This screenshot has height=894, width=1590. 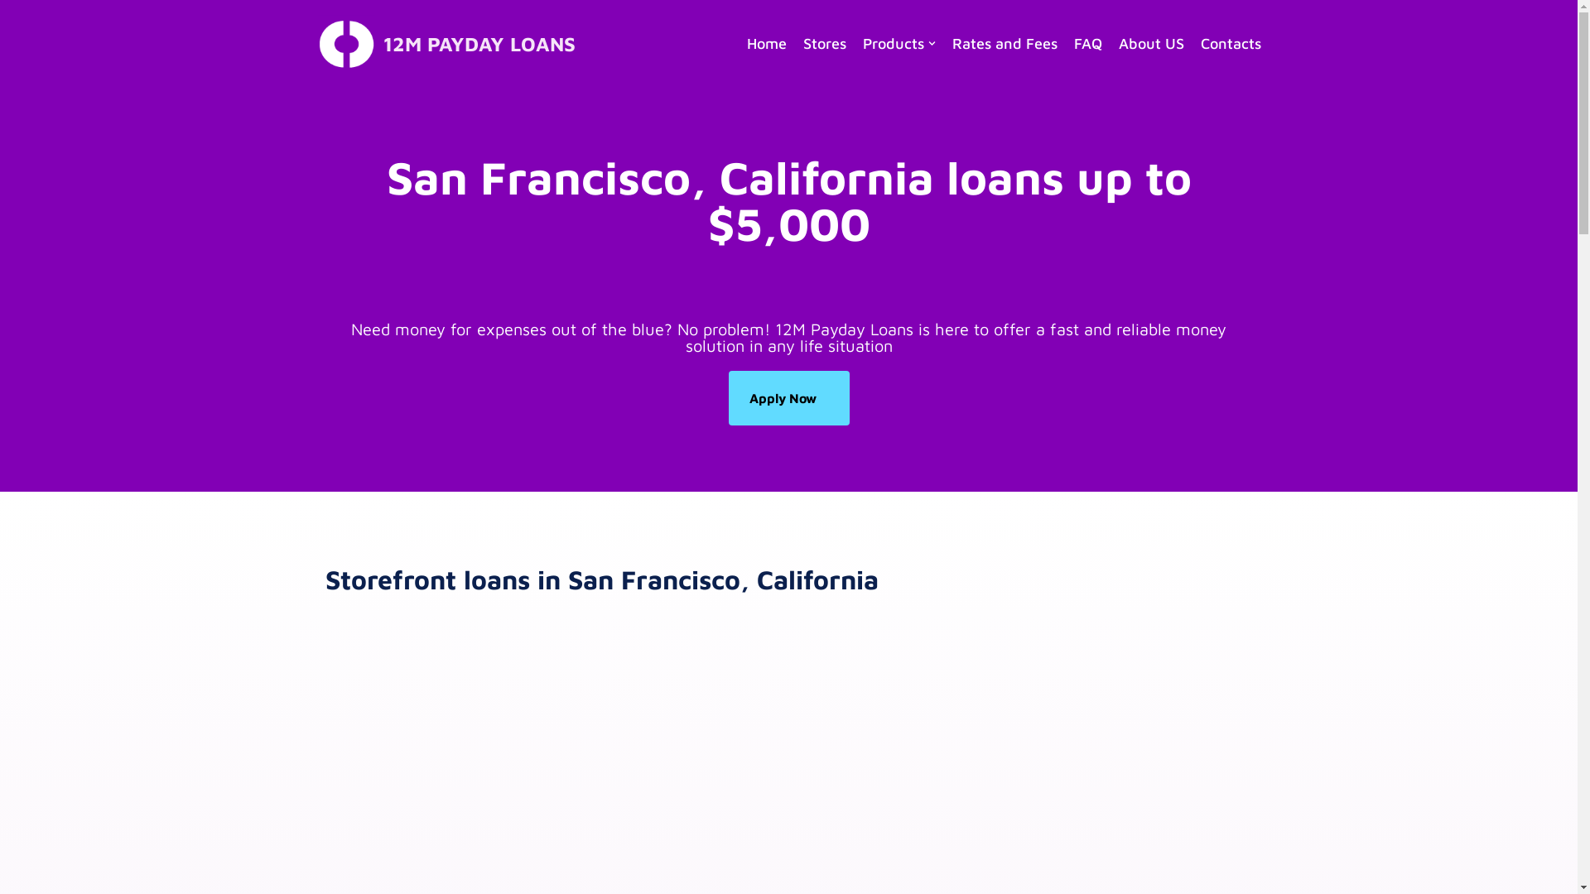 What do you see at coordinates (1087, 43) in the screenshot?
I see `'FAQ'` at bounding box center [1087, 43].